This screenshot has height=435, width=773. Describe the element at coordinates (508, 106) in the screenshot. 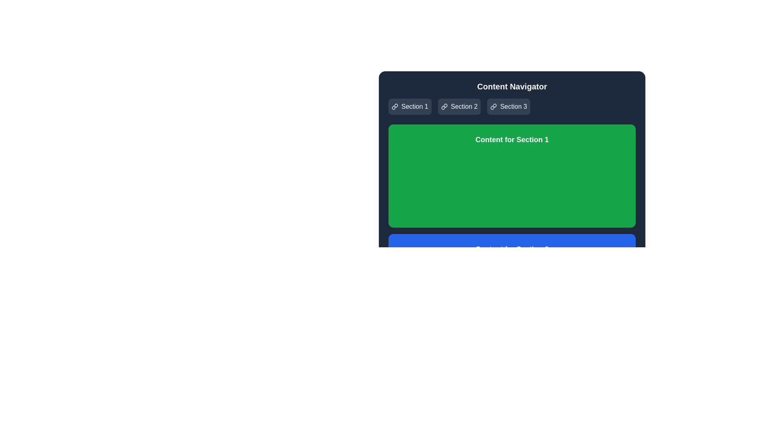

I see `the third navigation button labeled 'Section 3' located at the top-right area of the main interface` at that location.